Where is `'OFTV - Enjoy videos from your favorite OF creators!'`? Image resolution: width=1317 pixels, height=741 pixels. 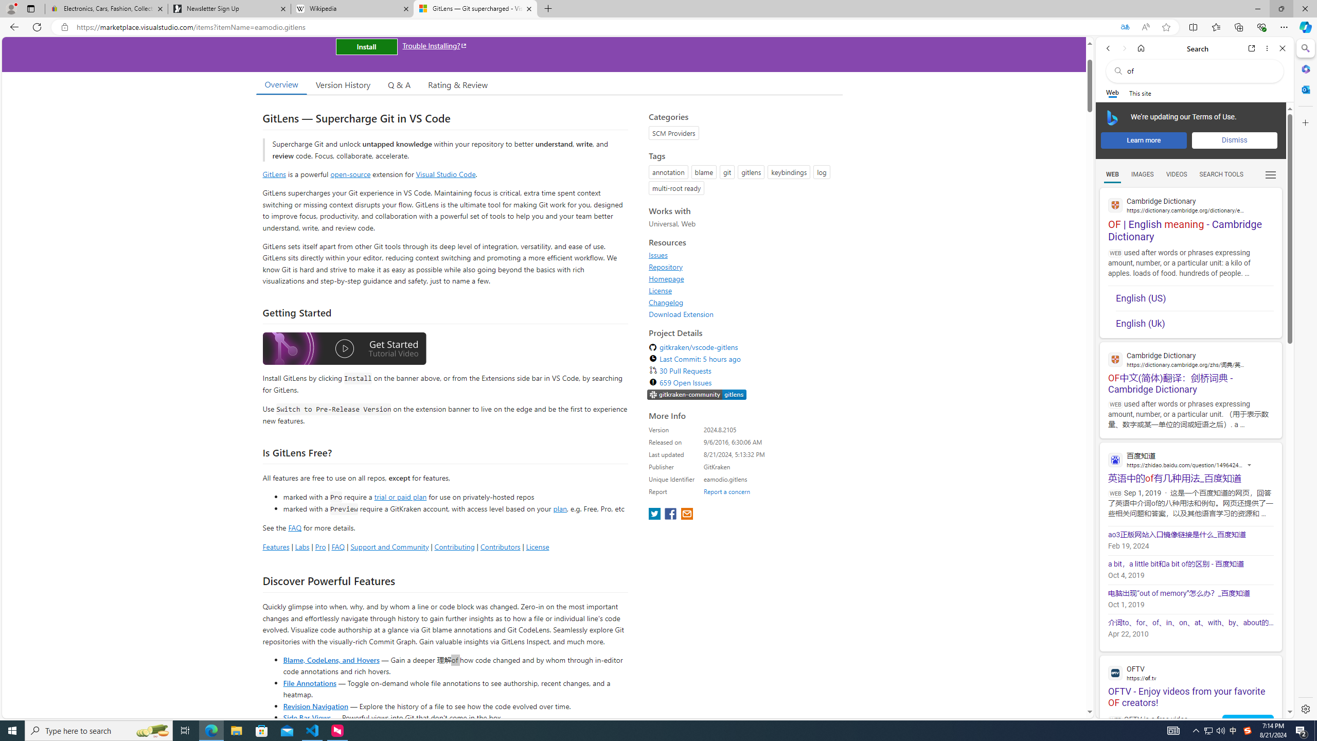
'OFTV - Enjoy videos from your favorite OF creators!' is located at coordinates (1190, 682).